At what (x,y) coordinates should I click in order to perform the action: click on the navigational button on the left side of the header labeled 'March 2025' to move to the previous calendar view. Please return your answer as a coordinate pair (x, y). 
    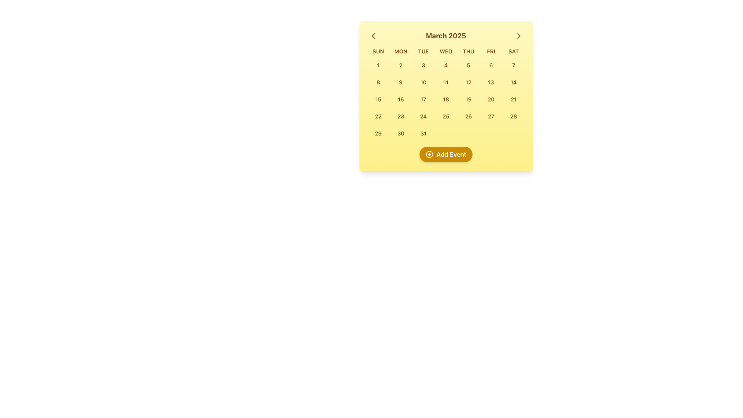
    Looking at the image, I should click on (373, 36).